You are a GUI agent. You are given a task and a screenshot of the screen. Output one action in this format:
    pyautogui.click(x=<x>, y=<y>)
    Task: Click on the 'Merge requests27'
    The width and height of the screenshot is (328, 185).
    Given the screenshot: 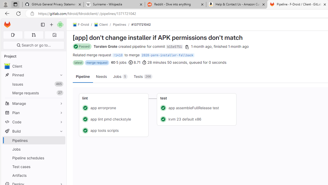 What is the action you would take?
    pyautogui.click(x=33, y=93)
    